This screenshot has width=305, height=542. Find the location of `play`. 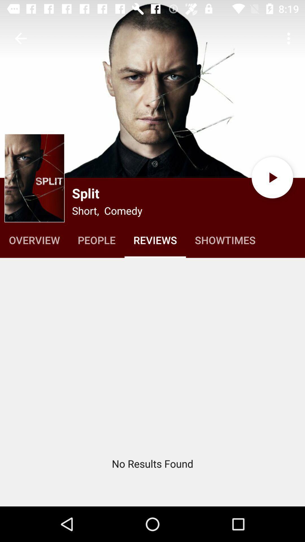

play is located at coordinates (272, 177).